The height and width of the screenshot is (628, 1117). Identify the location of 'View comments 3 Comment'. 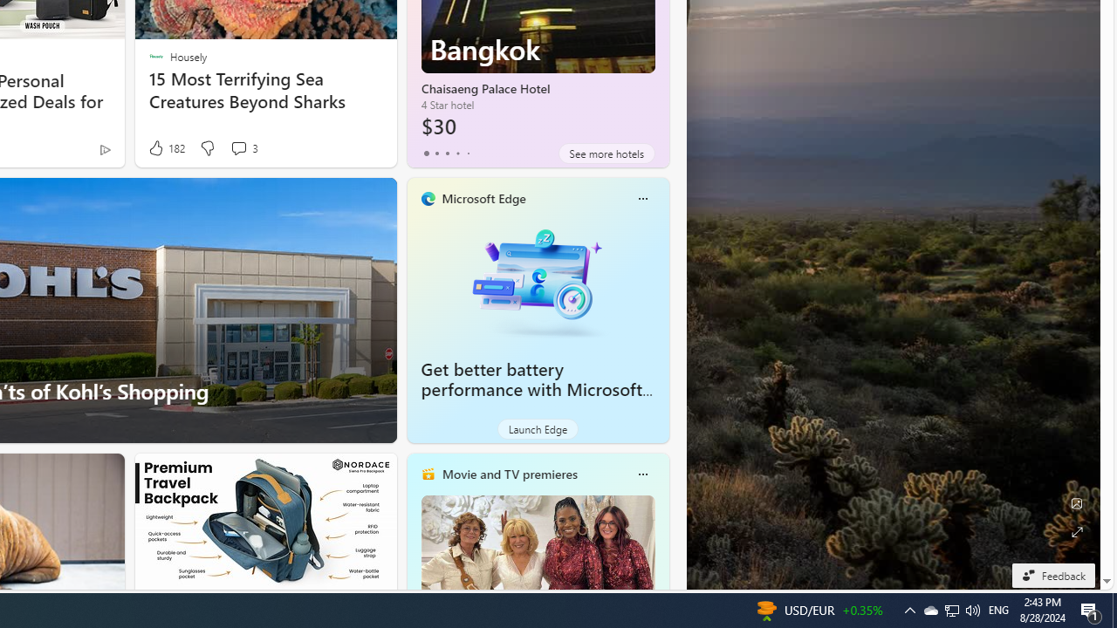
(243, 147).